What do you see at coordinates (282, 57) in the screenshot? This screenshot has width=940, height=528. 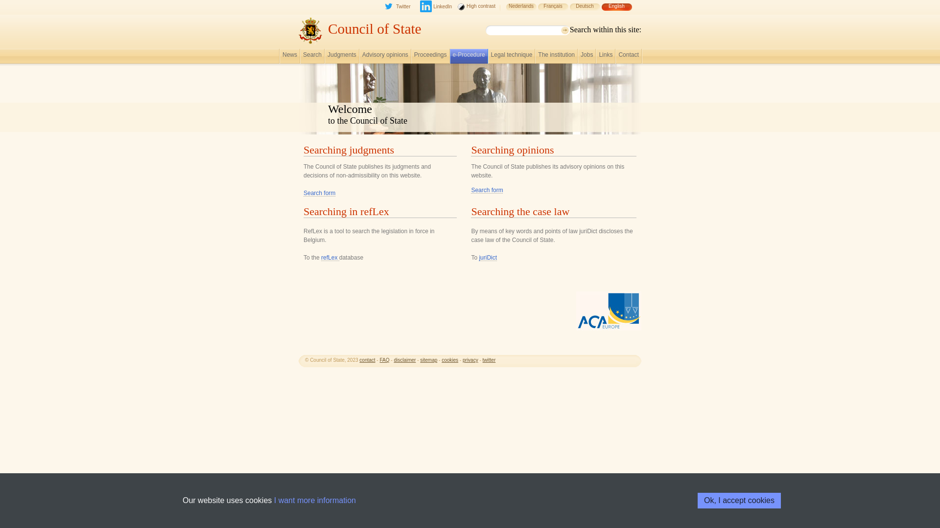 I see `'News'` at bounding box center [282, 57].